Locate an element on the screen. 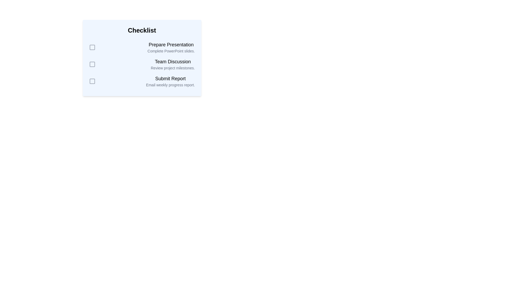  the checklist header is located at coordinates (142, 30).